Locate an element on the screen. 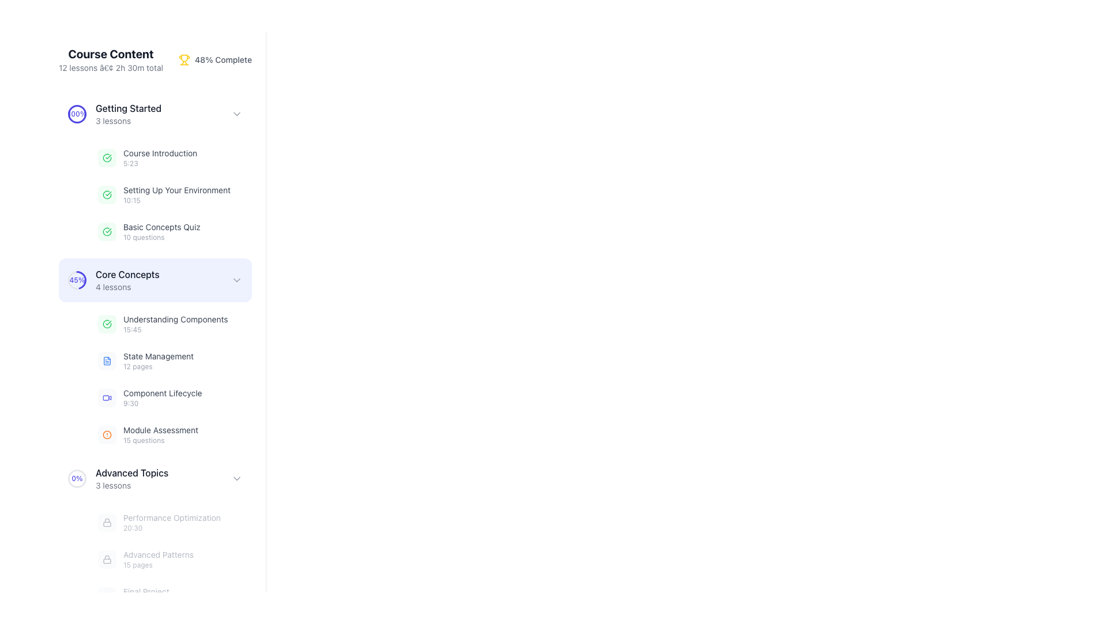 Image resolution: width=1107 pixels, height=623 pixels. the indigo video camera icon with rounded corners located under the 'Core Concepts' section, which represents the Component Lifecycle lesson item is located at coordinates (107, 397).